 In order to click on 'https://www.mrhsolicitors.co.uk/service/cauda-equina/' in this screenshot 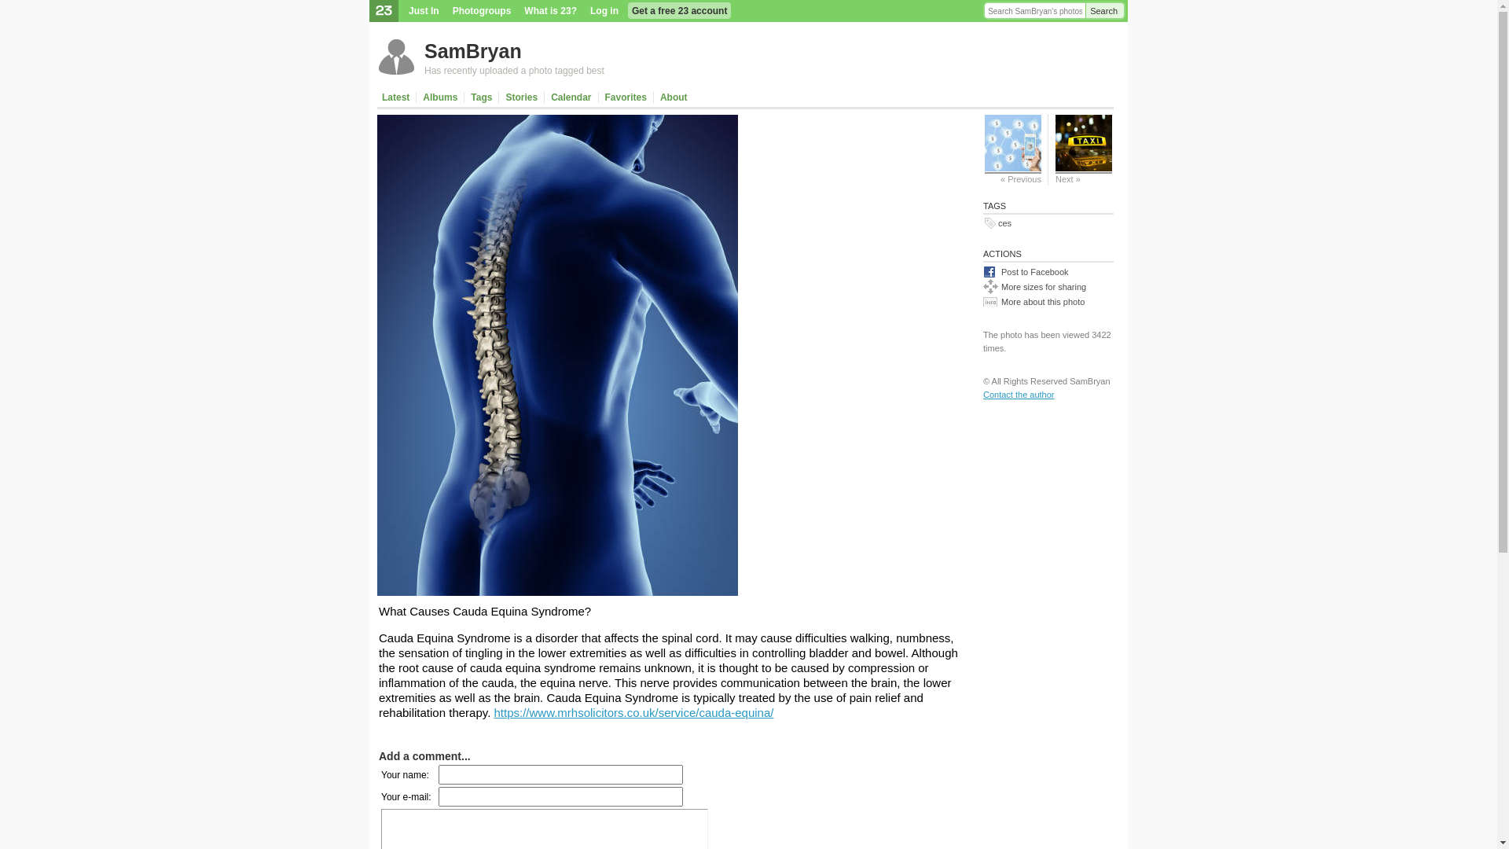, I will do `click(633, 712)`.